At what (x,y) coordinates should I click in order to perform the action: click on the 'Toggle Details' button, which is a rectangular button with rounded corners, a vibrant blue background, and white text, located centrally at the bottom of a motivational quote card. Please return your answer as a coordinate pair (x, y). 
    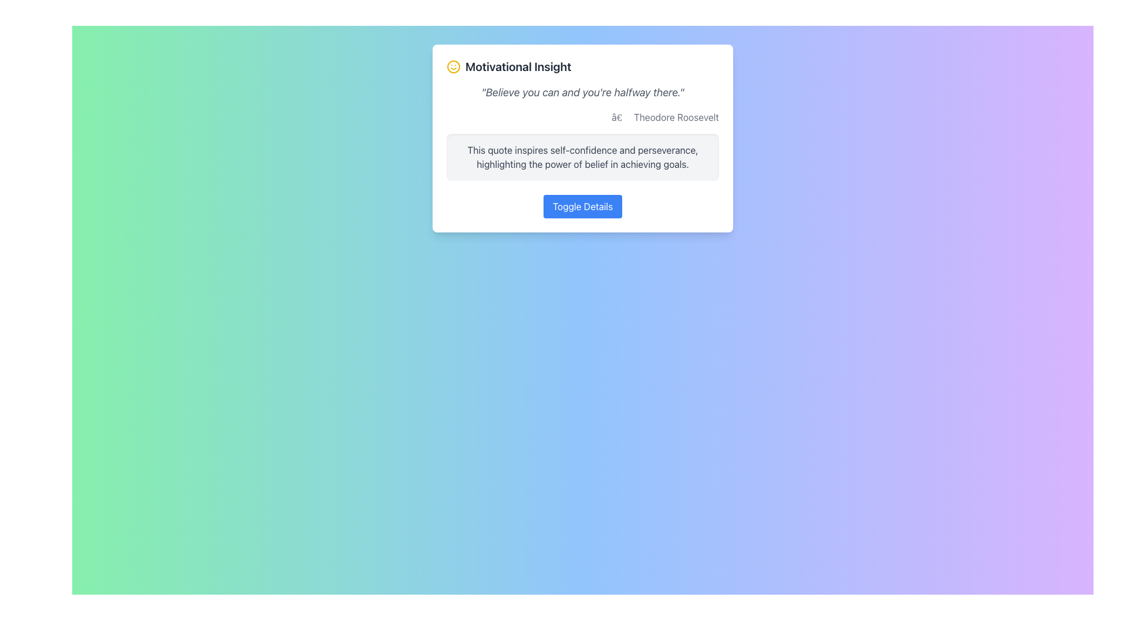
    Looking at the image, I should click on (583, 205).